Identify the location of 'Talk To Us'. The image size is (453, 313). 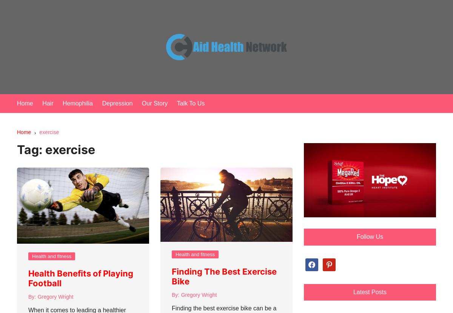
(176, 103).